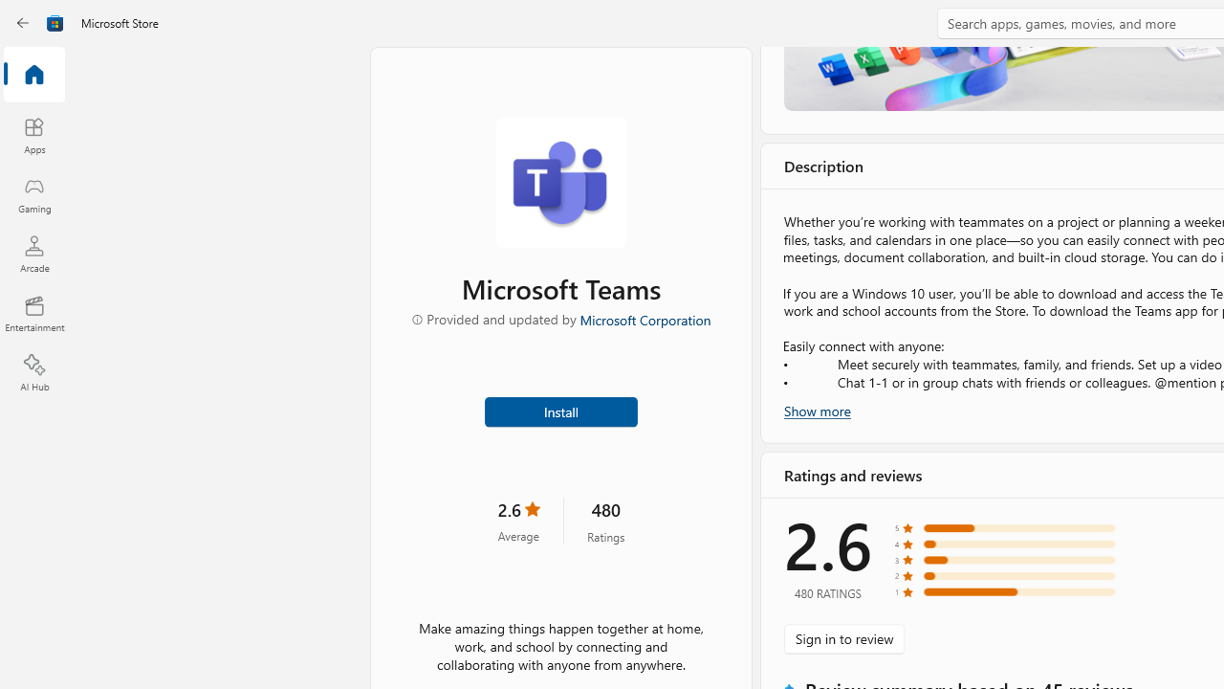  What do you see at coordinates (33, 134) in the screenshot?
I see `'Apps'` at bounding box center [33, 134].